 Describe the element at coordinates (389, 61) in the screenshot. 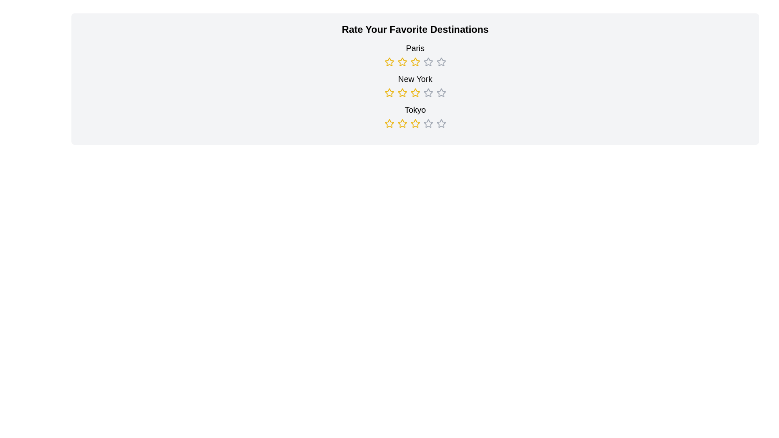

I see `the first star rating icon for 'Paris'` at that location.